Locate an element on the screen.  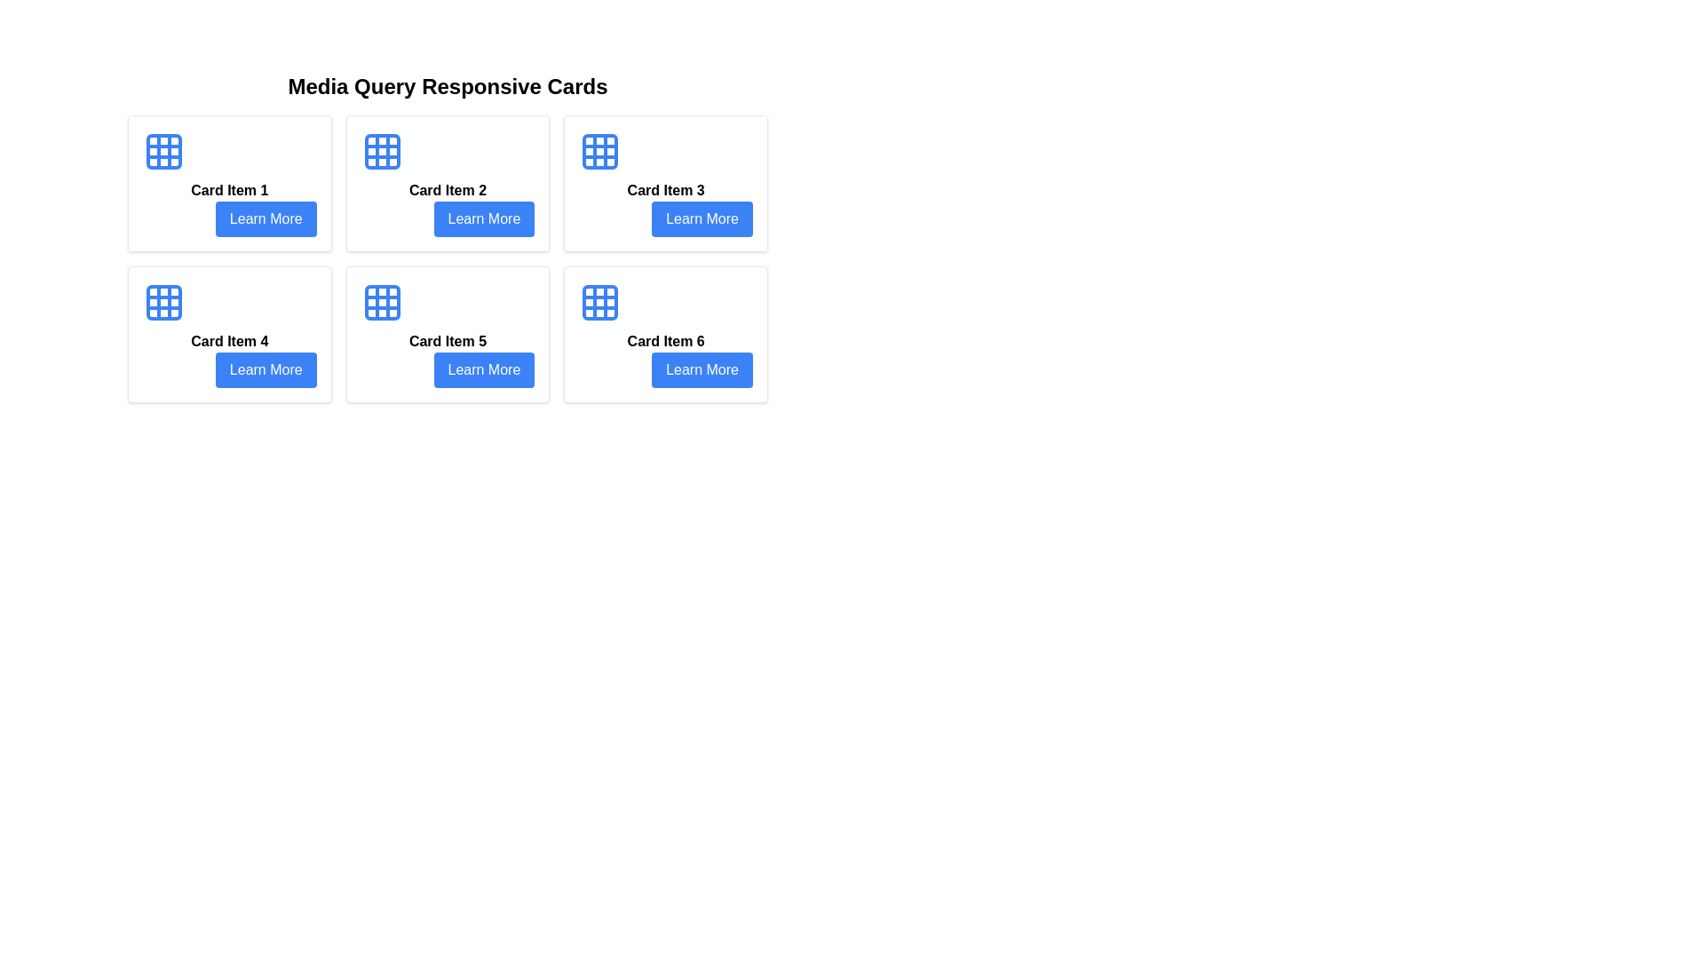
the Grid icon (SVG graphical element) located at the top-left corner of the first card labeled 'Card Item 1', which is positioned above the text 'Card Item 1' and to the left of the 'Learn More' button is located at coordinates (164, 150).